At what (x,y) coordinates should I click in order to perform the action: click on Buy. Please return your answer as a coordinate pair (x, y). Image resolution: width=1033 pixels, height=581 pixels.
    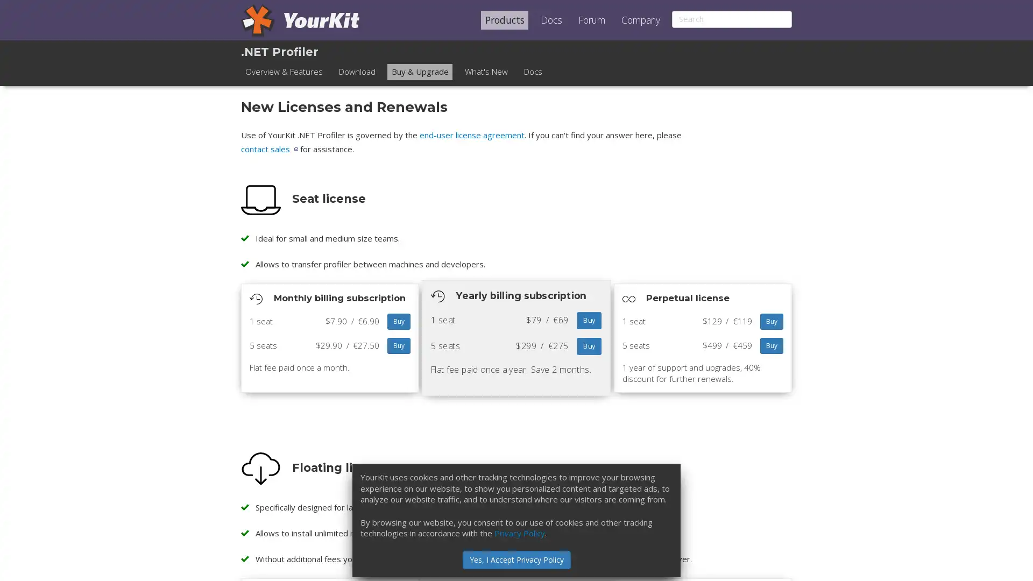
    Looking at the image, I should click on (589, 320).